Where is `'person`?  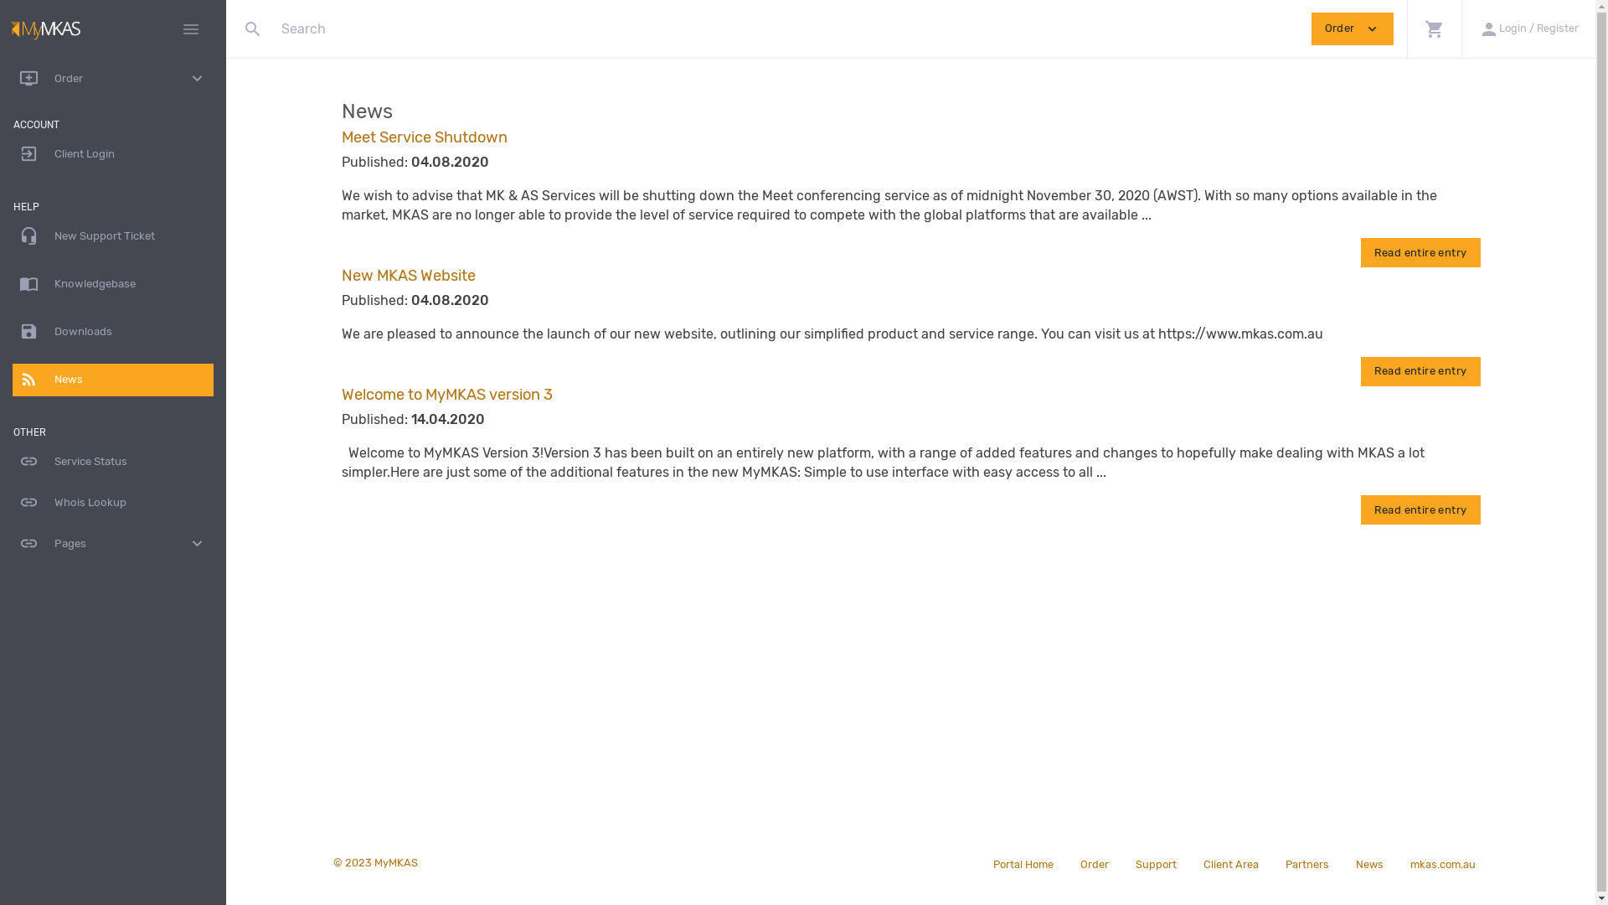
'person is located at coordinates (1461, 28).